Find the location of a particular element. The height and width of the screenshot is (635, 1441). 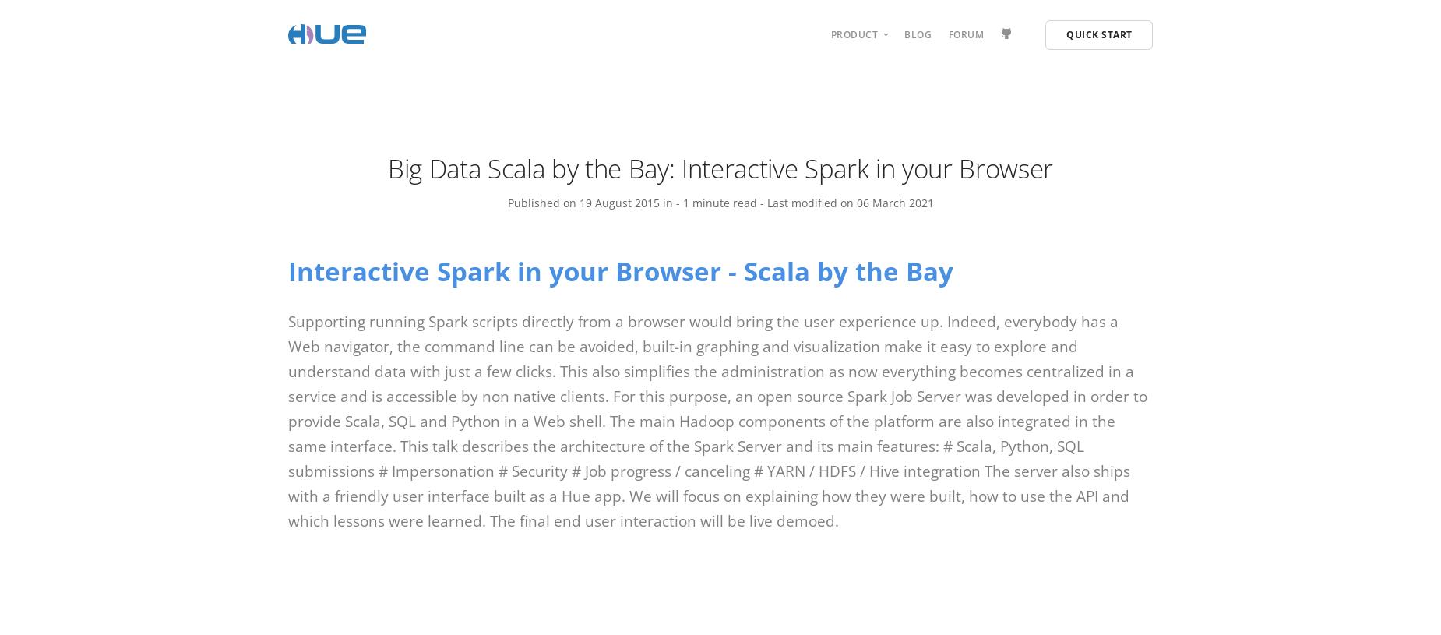

'Product' is located at coordinates (854, 33).